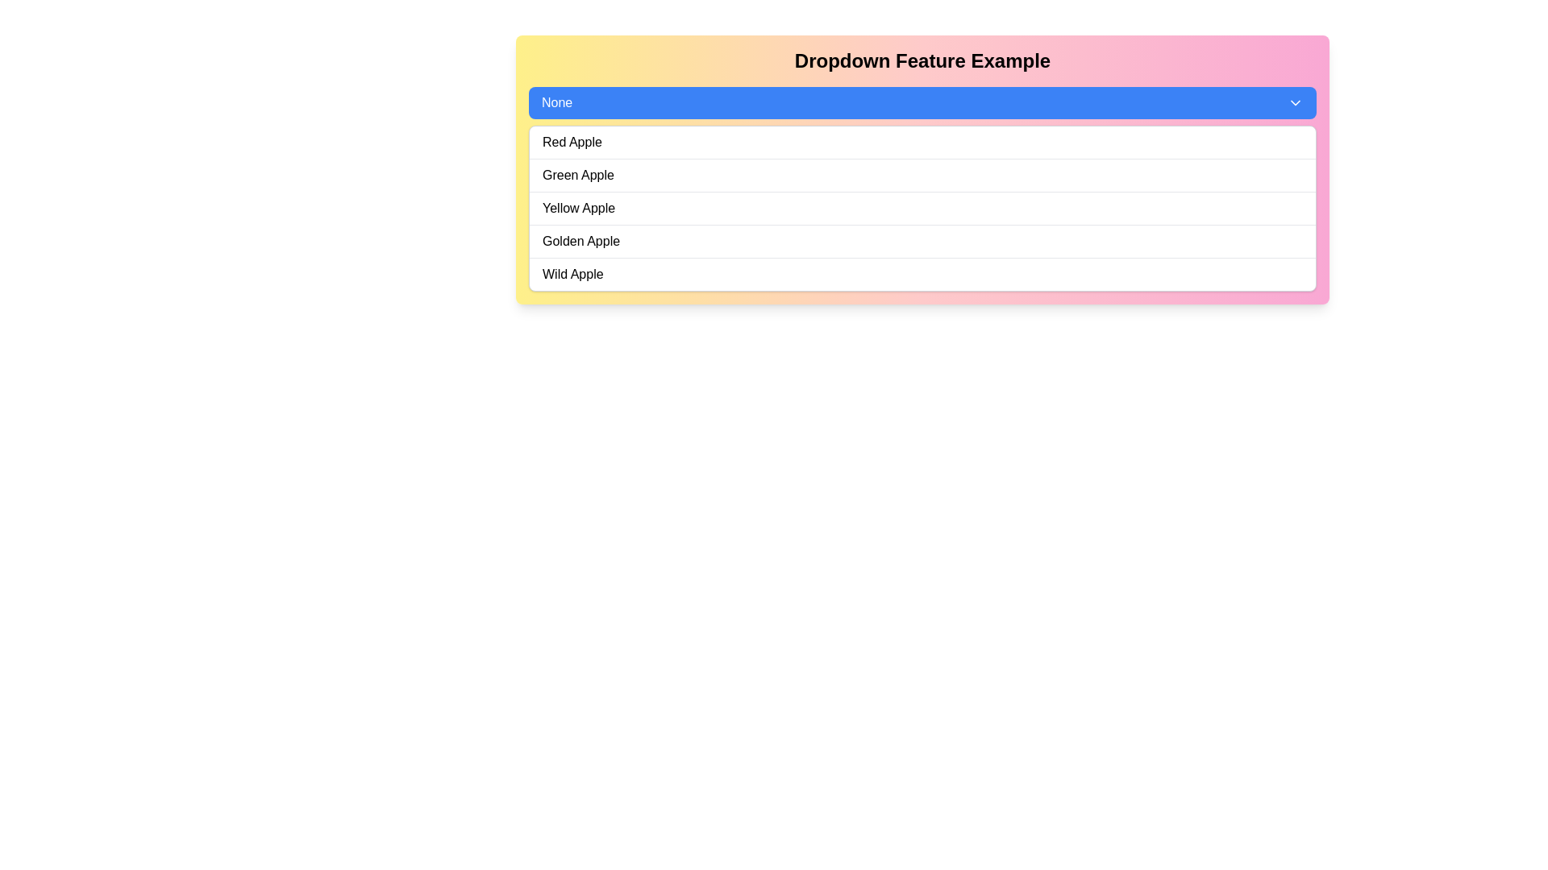 This screenshot has width=1548, height=870. What do you see at coordinates (922, 102) in the screenshot?
I see `the dropdown menu with a vibrant blue background and white text, located beneath the title 'Dropdown Feature Example', to enable keyboard navigation` at bounding box center [922, 102].